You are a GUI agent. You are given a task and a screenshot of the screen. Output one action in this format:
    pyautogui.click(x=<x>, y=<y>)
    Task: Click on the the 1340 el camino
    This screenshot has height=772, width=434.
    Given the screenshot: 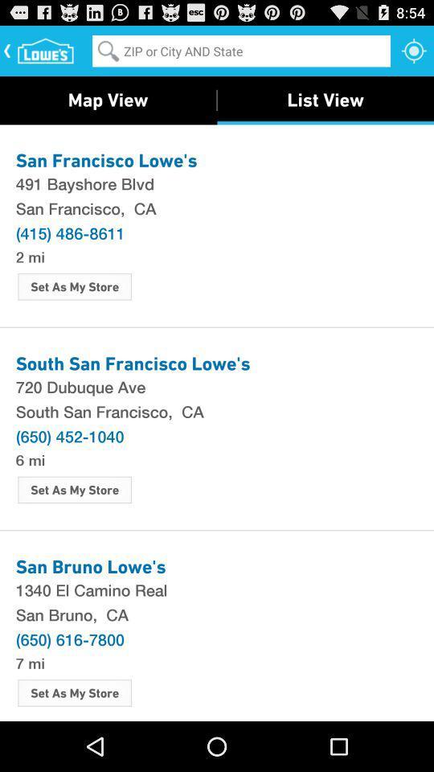 What is the action you would take?
    pyautogui.click(x=217, y=589)
    